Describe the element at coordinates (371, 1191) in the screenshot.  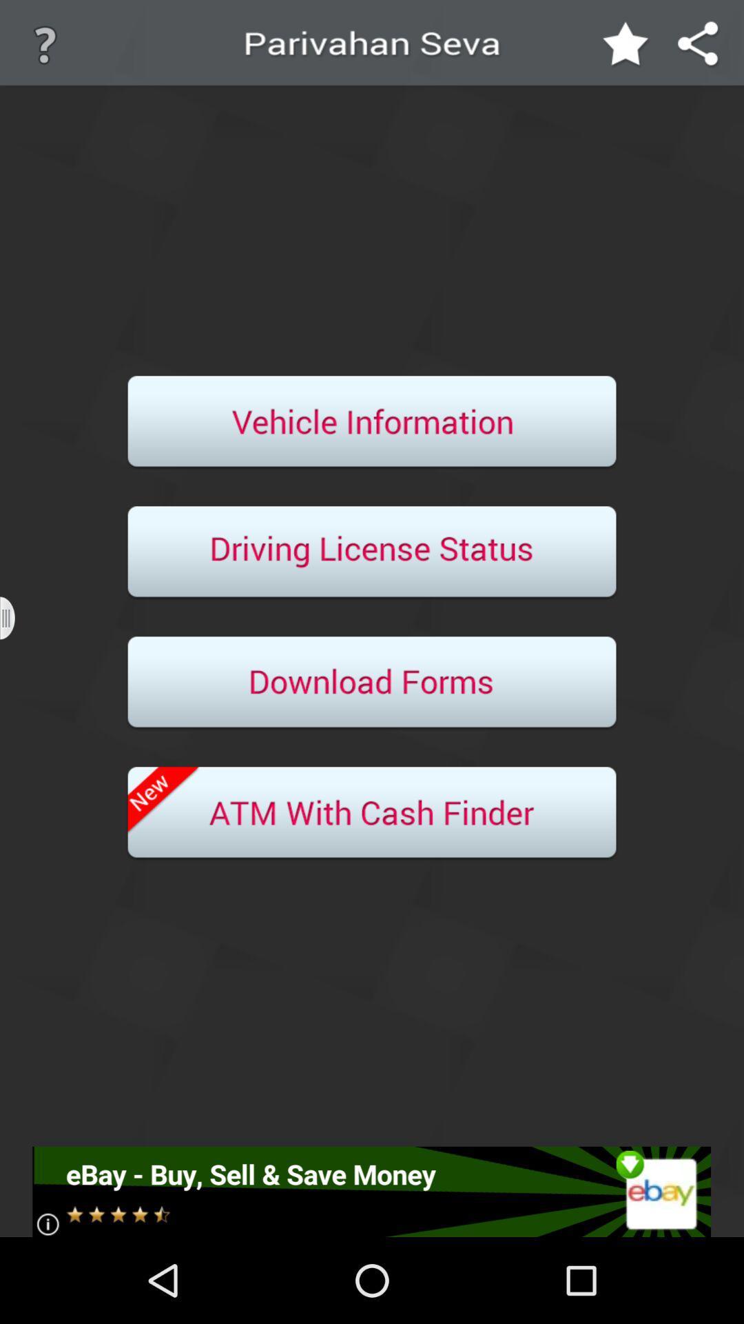
I see `click for advertisement` at that location.